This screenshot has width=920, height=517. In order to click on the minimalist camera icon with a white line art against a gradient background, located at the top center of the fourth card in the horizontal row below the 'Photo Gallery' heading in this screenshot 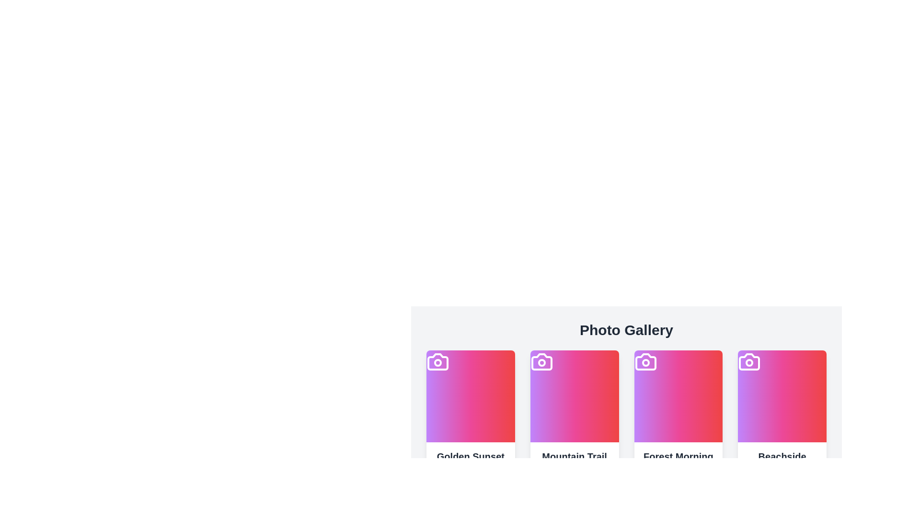, I will do `click(749, 362)`.